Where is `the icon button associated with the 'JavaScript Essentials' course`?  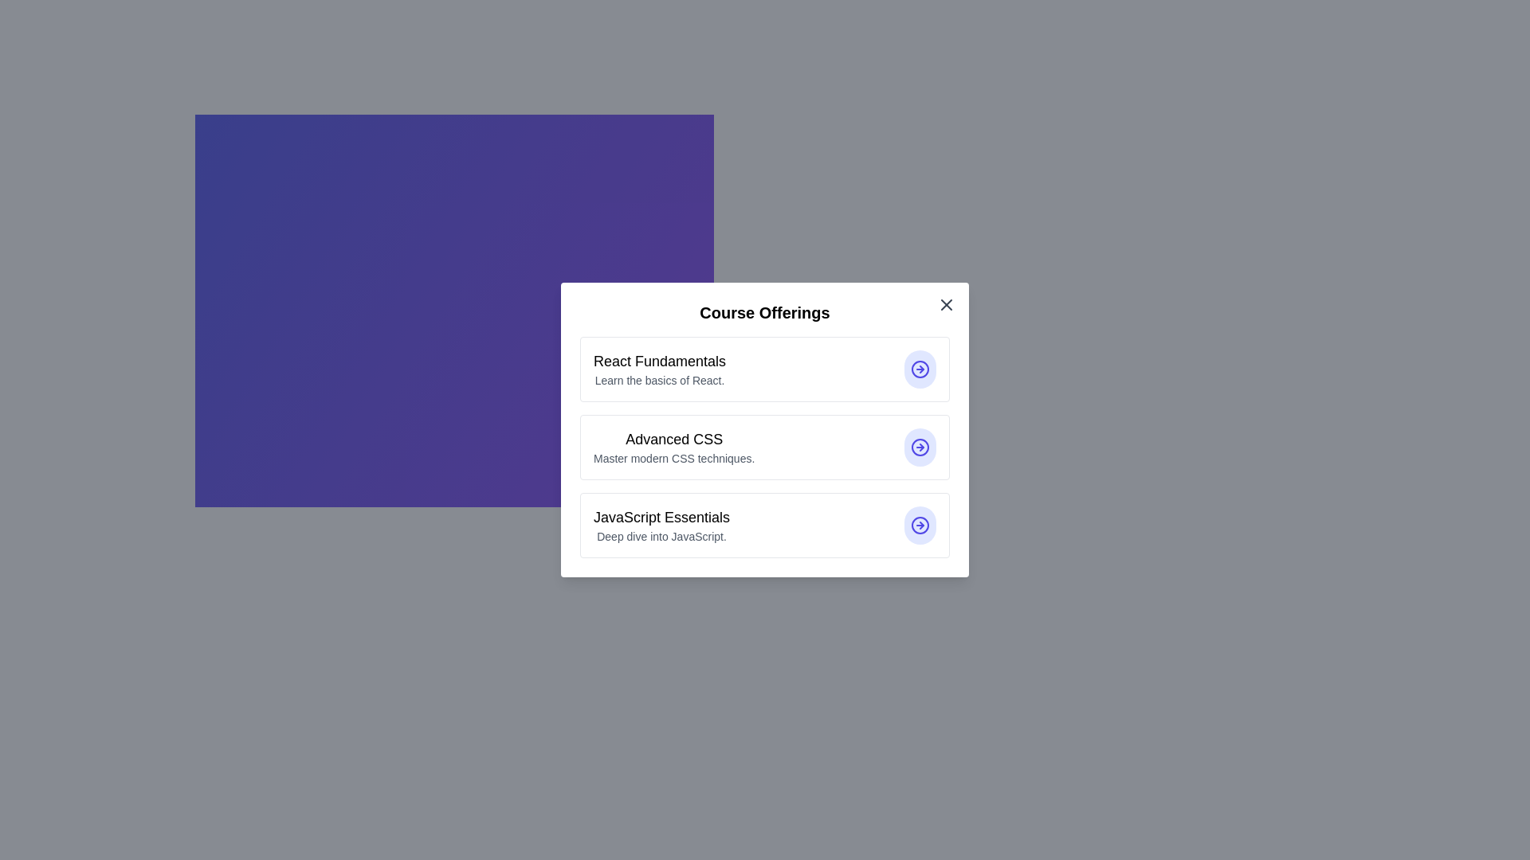 the icon button associated with the 'JavaScript Essentials' course is located at coordinates (920, 525).